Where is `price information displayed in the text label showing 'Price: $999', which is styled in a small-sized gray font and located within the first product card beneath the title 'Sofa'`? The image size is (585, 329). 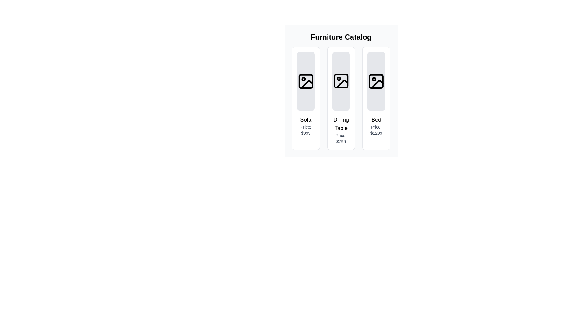 price information displayed in the text label showing 'Price: $999', which is styled in a small-sized gray font and located within the first product card beneath the title 'Sofa' is located at coordinates (306, 130).